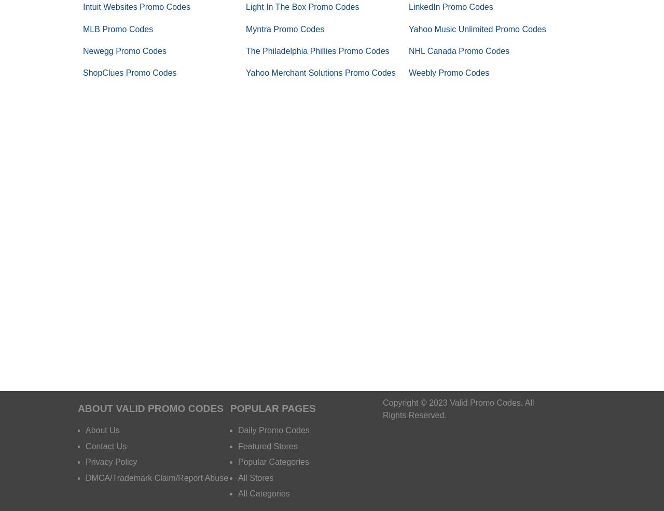  Describe the element at coordinates (85, 462) in the screenshot. I see `'Privacy Policy'` at that location.